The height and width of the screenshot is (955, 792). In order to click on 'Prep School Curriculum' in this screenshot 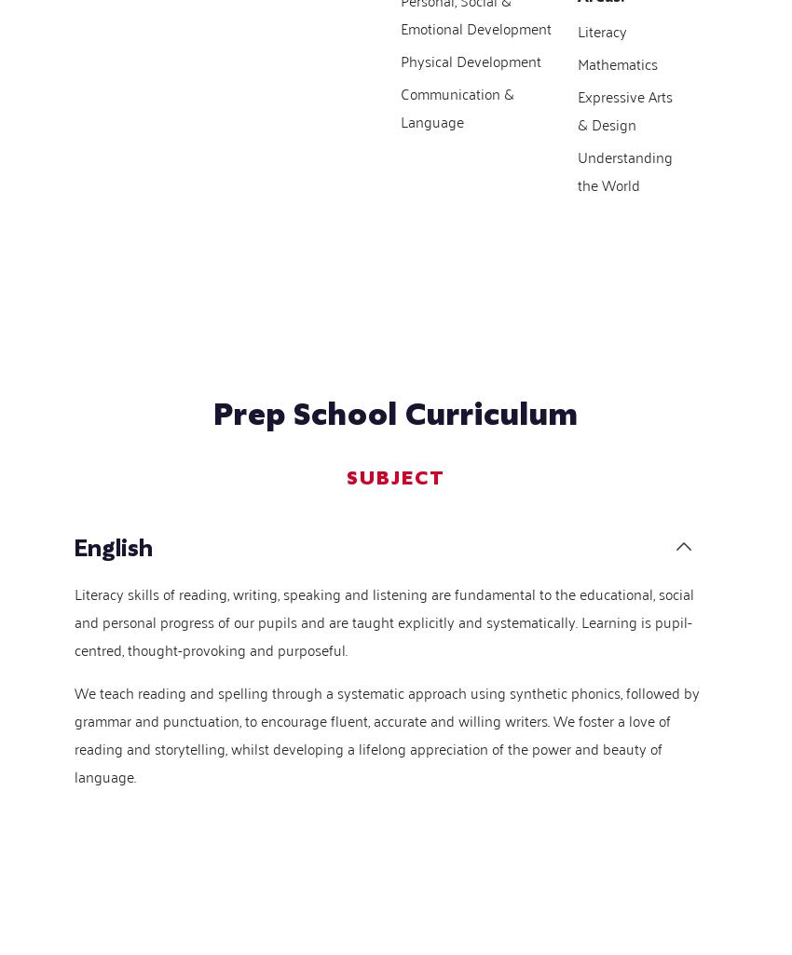, I will do `click(395, 414)`.